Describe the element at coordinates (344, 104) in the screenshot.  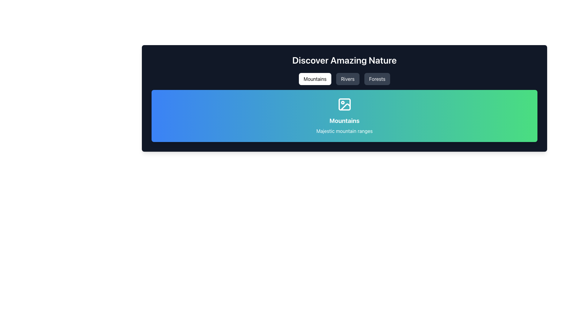
I see `the top-left graphical component of the SVG icon that visually represents an image above the text 'Mountains' in the interface` at that location.